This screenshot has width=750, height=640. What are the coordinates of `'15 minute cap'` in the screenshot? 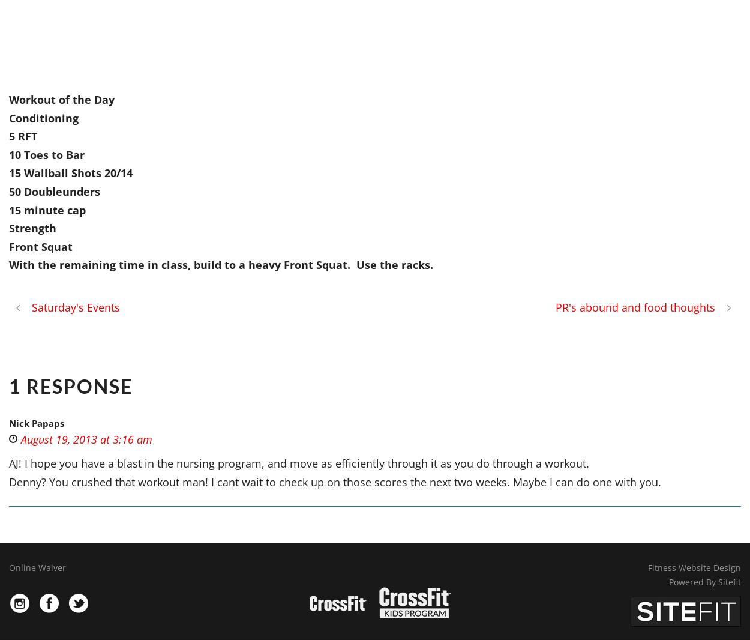 It's located at (47, 210).